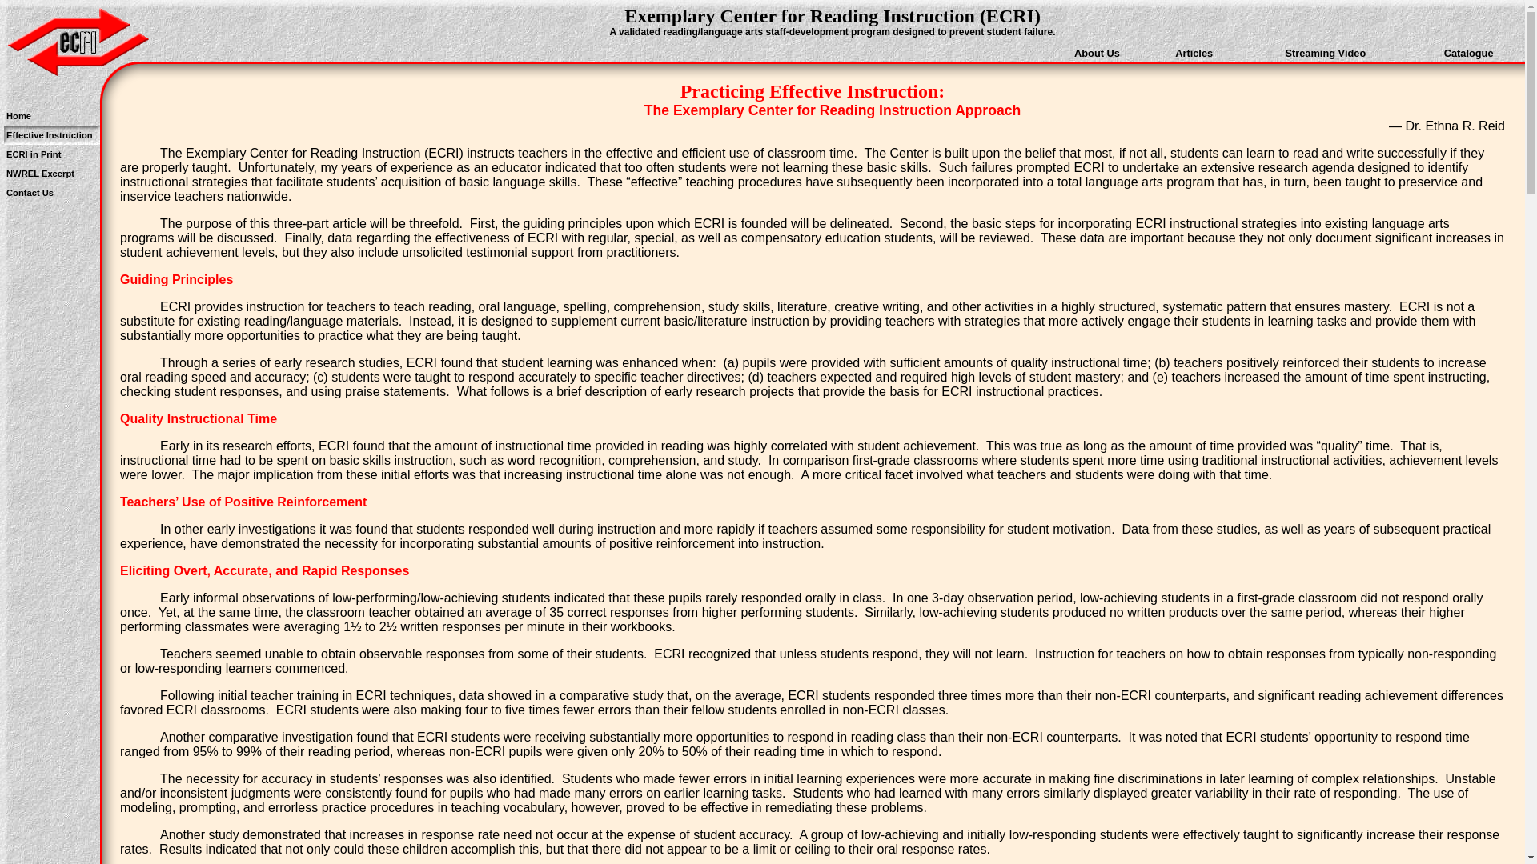 Image resolution: width=1537 pixels, height=864 pixels. Describe the element at coordinates (30, 191) in the screenshot. I see `'Contact Us'` at that location.